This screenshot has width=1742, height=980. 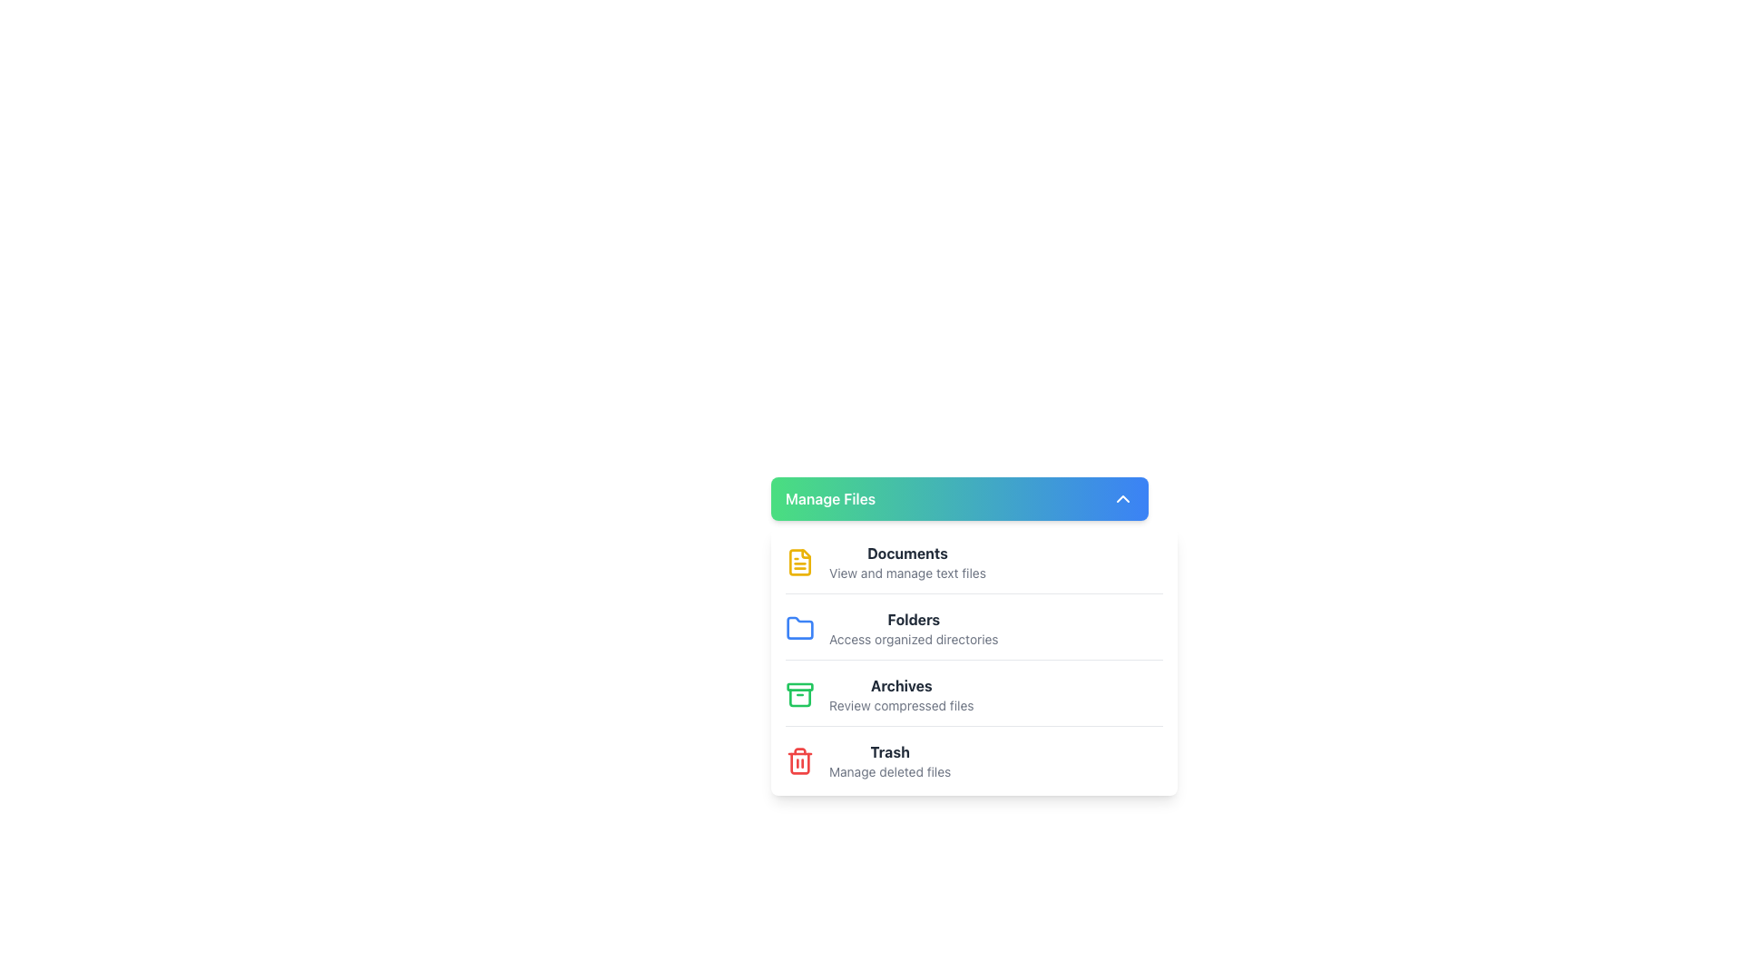 I want to click on an item in the Dropdown menu content under the 'Manage Files' button, so click(x=974, y=661).